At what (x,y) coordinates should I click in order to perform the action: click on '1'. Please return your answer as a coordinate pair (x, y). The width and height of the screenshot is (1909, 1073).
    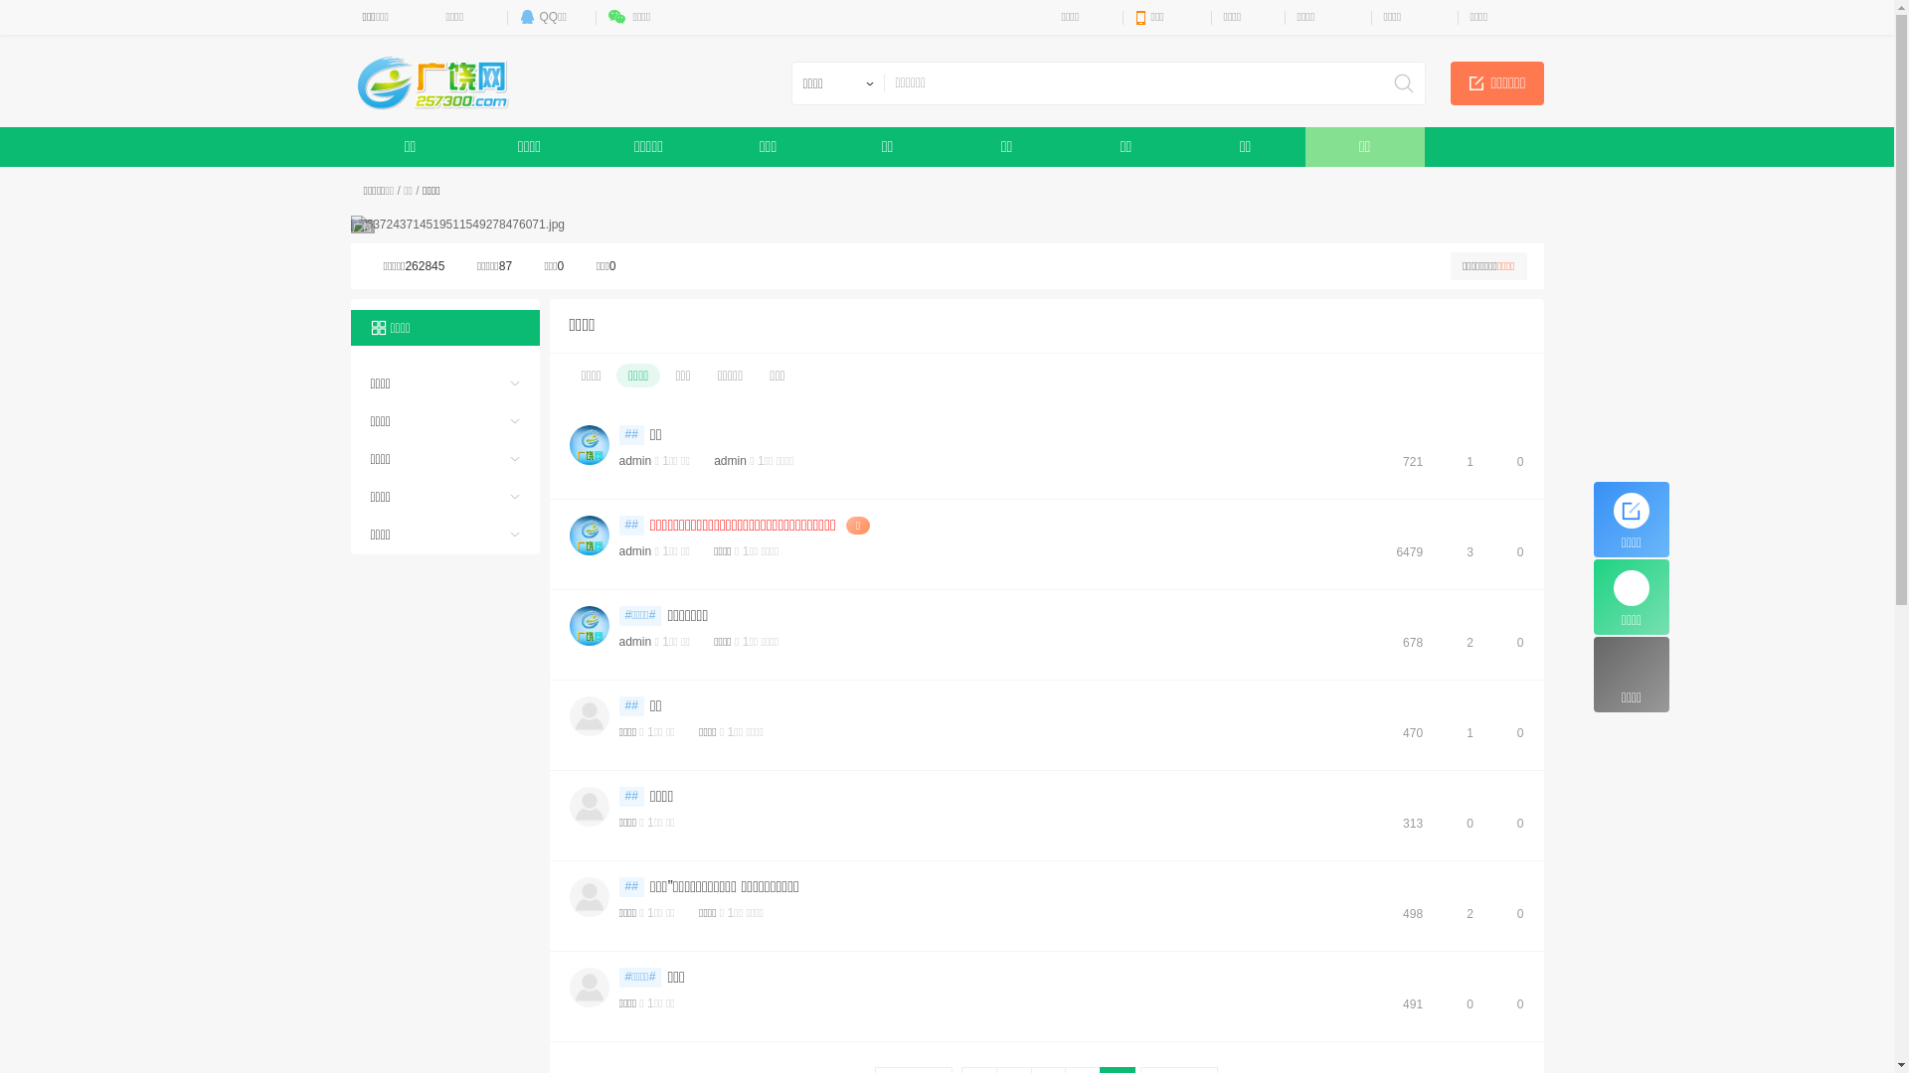
    Looking at the image, I should click on (1460, 462).